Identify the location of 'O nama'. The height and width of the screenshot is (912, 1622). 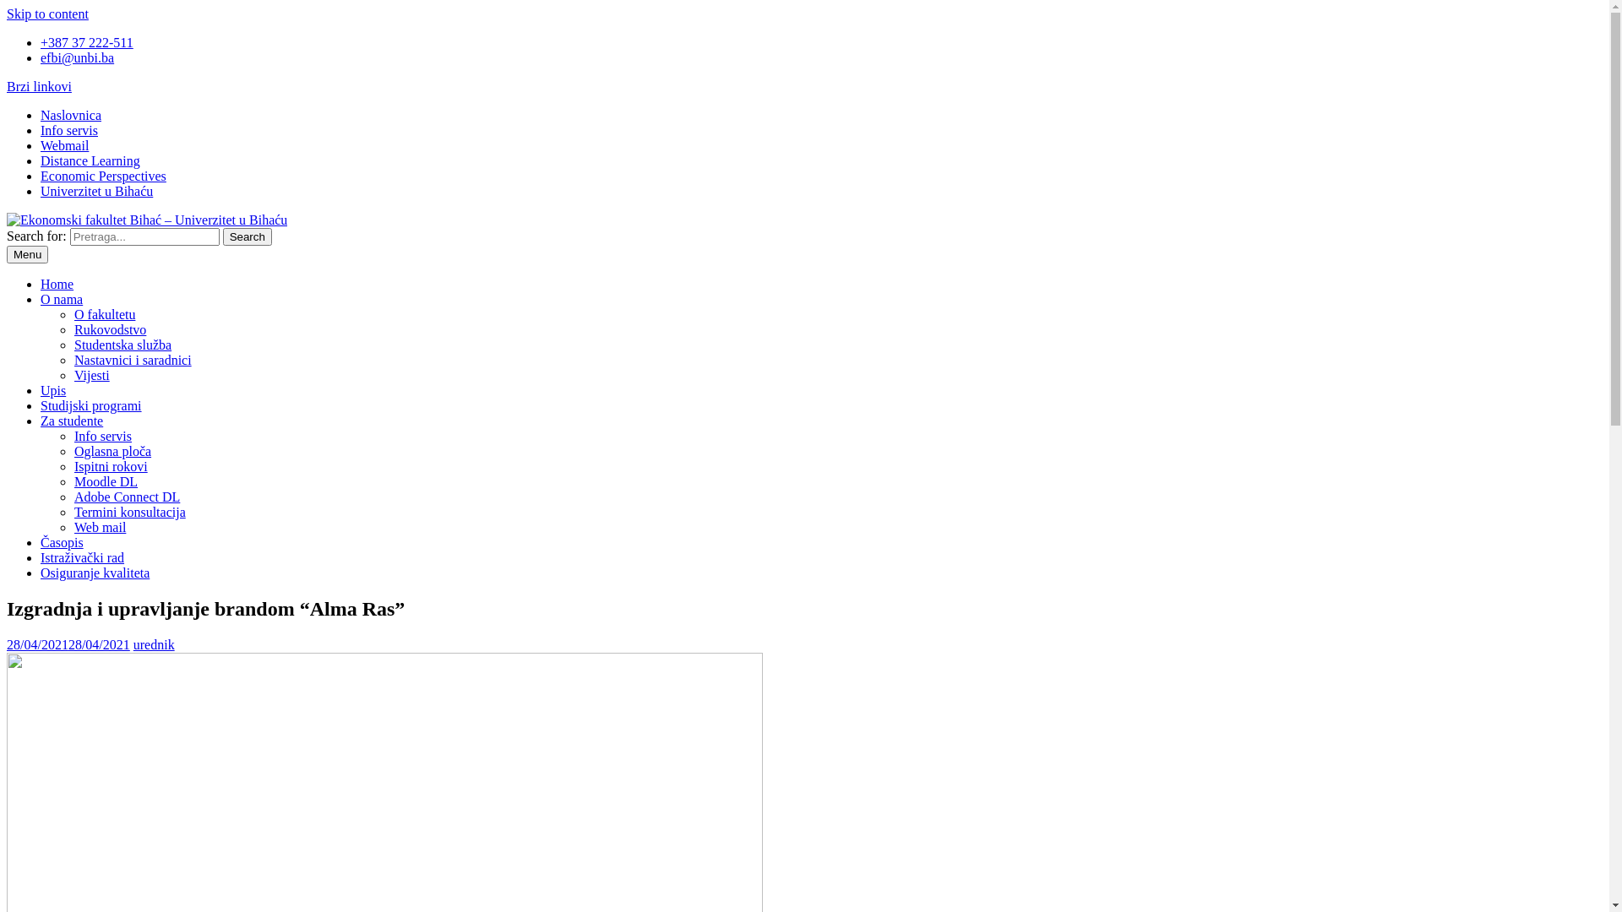
(41, 298).